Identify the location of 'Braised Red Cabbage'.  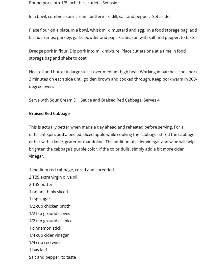
(49, 113).